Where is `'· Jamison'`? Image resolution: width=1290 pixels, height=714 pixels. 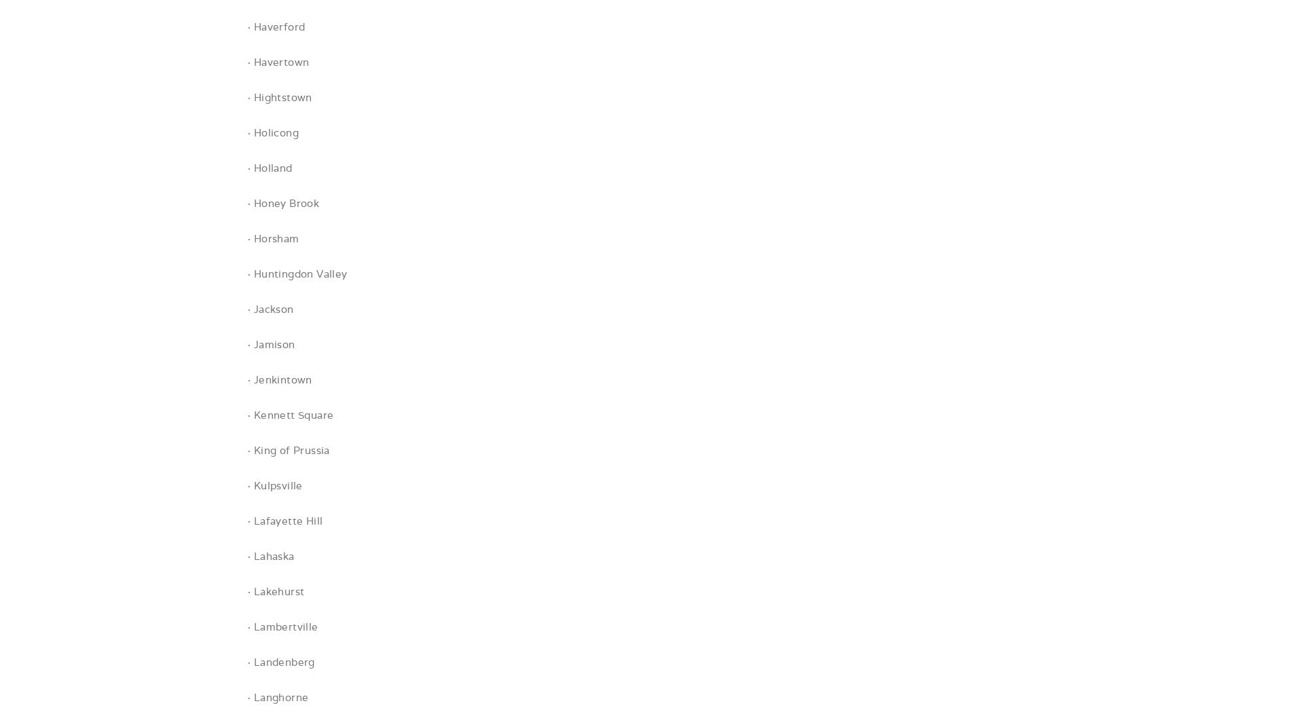
'· Jamison' is located at coordinates (270, 343).